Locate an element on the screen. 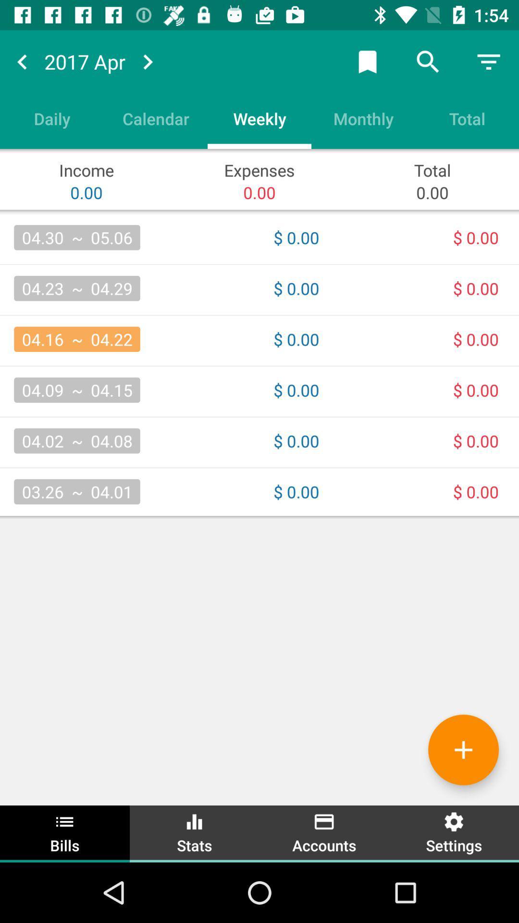 This screenshot has height=923, width=519. the arrow_forward icon is located at coordinates (148, 61).